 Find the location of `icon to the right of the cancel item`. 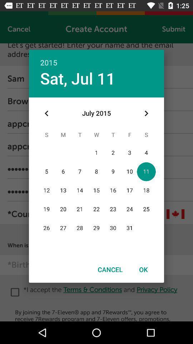

icon to the right of the cancel item is located at coordinates (143, 269).